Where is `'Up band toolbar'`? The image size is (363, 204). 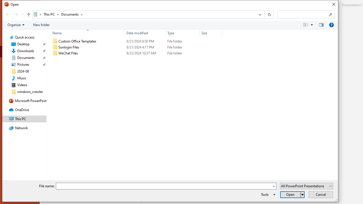 'Up band toolbar' is located at coordinates (28, 15).